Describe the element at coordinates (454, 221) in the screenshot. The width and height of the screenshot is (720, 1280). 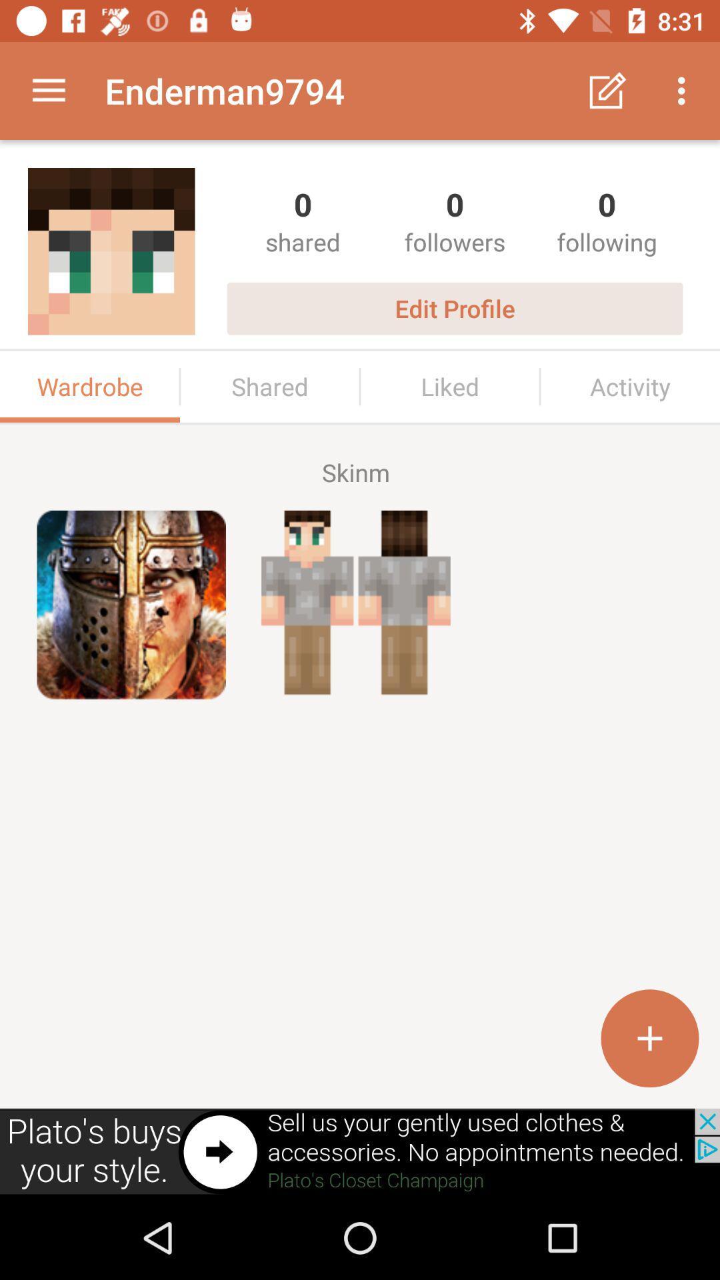
I see `0 followers` at that location.